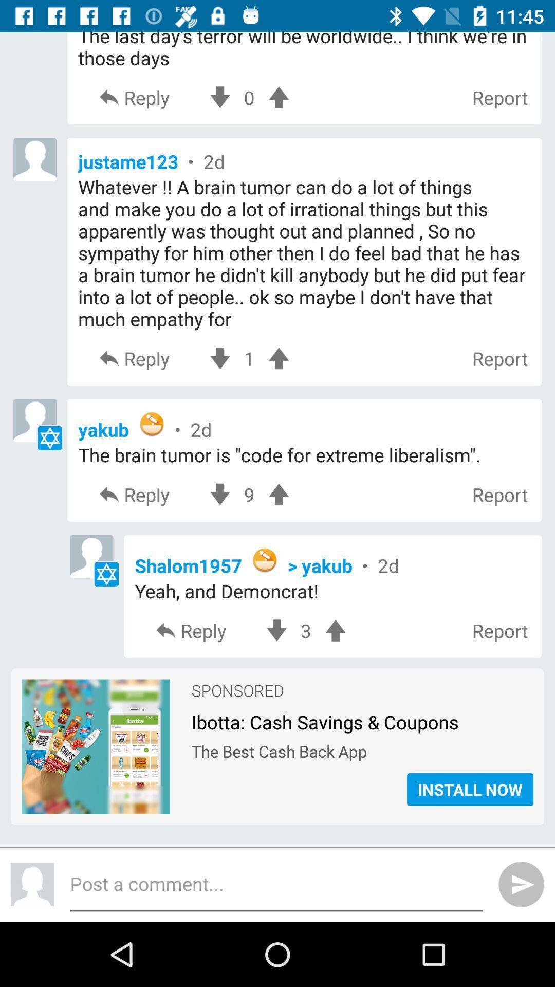 The height and width of the screenshot is (987, 555). Describe the element at coordinates (362, 719) in the screenshot. I see `ibotta cash savings` at that location.